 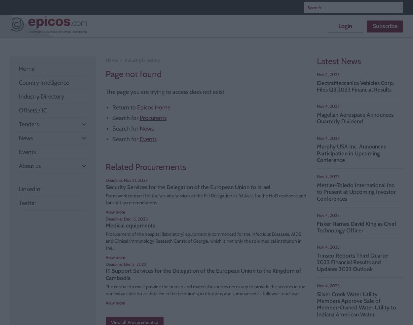 What do you see at coordinates (130, 225) in the screenshot?
I see `'Medical equipments'` at bounding box center [130, 225].